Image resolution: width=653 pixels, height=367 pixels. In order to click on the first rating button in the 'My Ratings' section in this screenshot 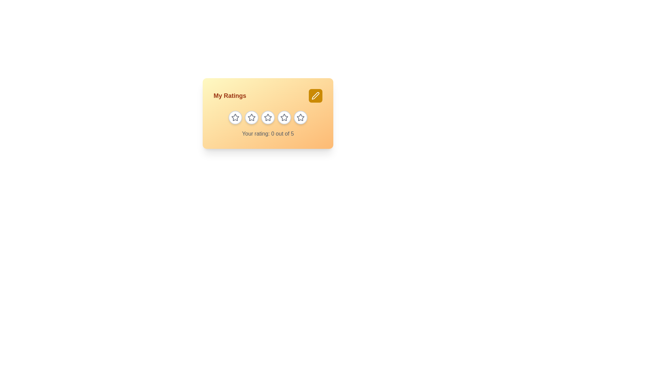, I will do `click(235, 117)`.